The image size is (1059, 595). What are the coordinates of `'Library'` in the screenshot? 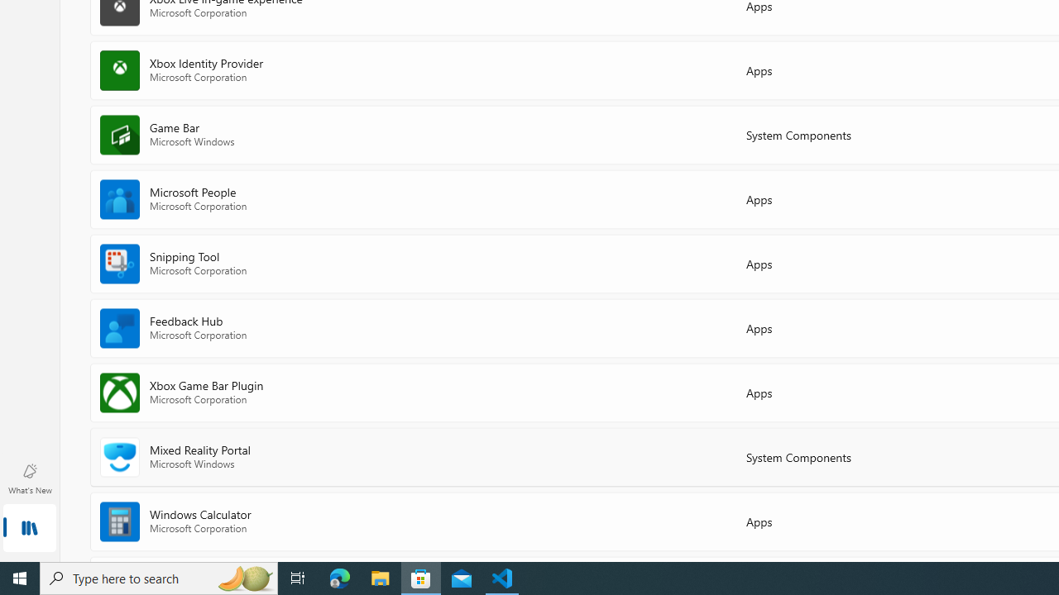 It's located at (29, 529).